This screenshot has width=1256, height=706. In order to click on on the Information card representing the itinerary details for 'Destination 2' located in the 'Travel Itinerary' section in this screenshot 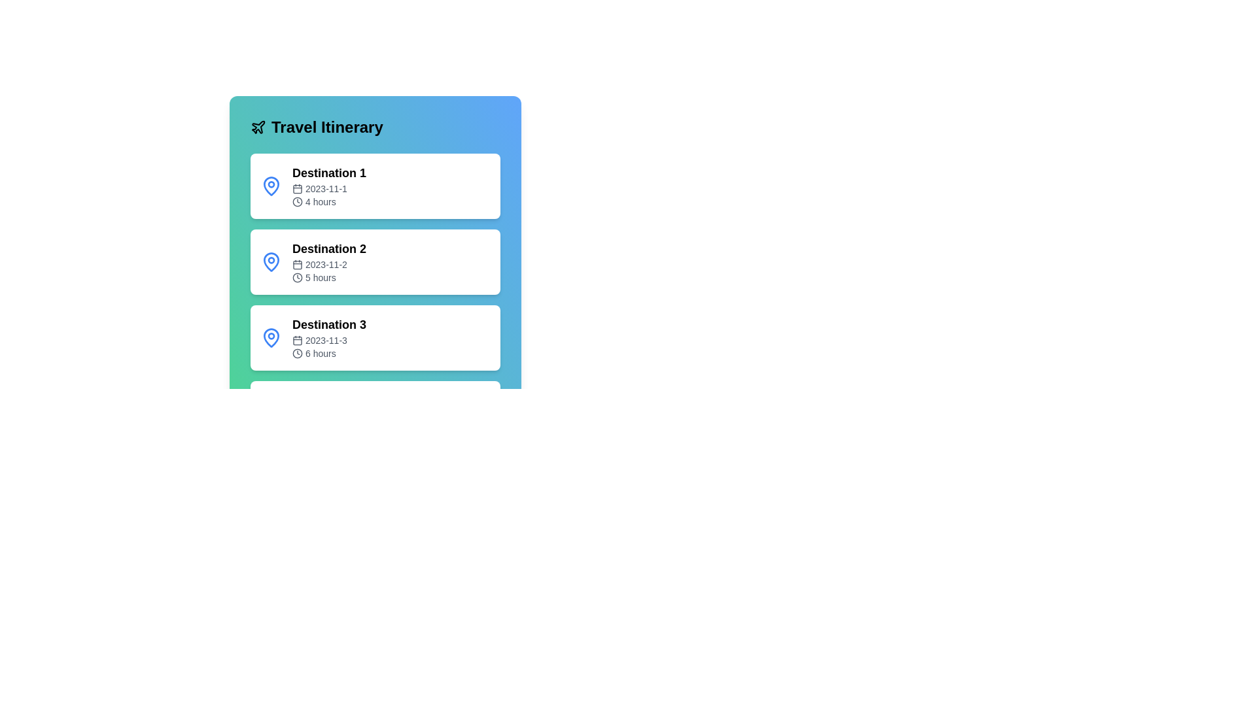, I will do `click(375, 233)`.